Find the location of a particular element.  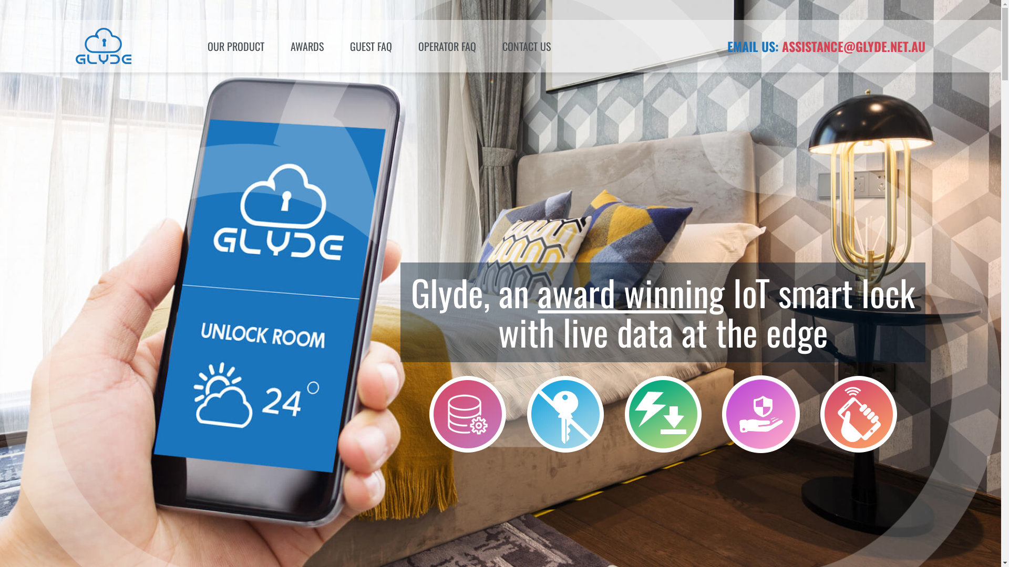

'OUR PRODUCT' is located at coordinates (194, 46).